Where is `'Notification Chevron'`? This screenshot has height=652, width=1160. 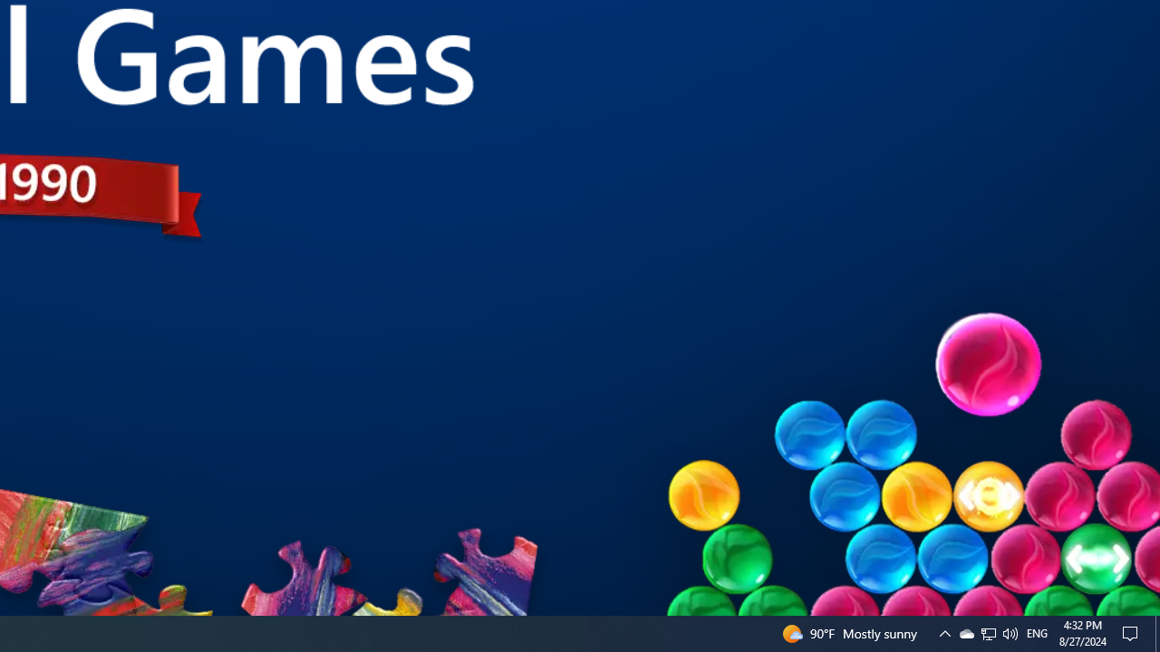 'Notification Chevron' is located at coordinates (943, 632).